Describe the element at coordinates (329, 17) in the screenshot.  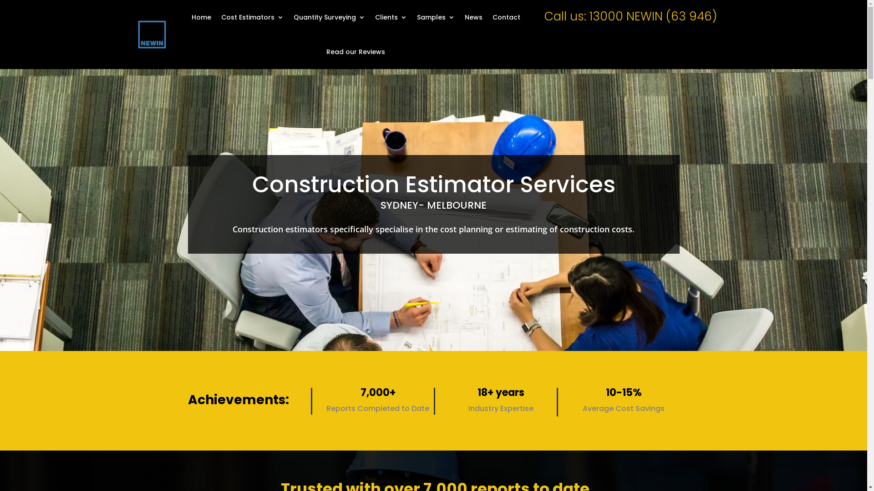
I see `'Quantity Surveying'` at that location.